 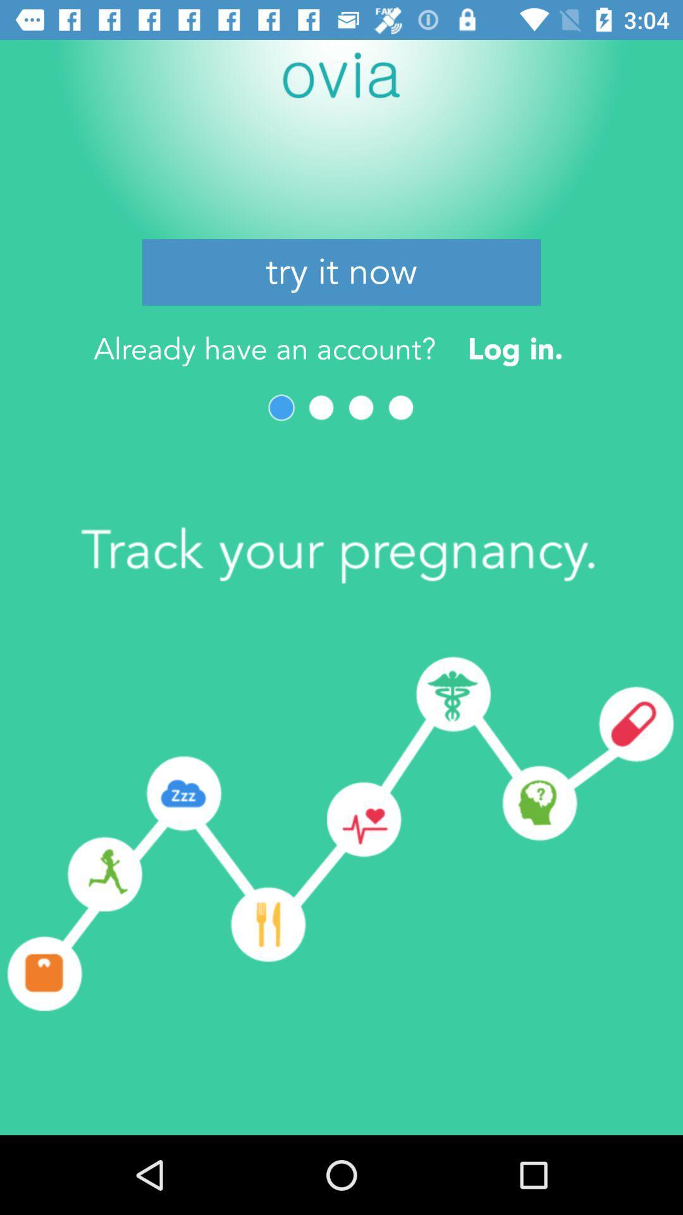 I want to click on icon below try it now icon, so click(x=515, y=349).